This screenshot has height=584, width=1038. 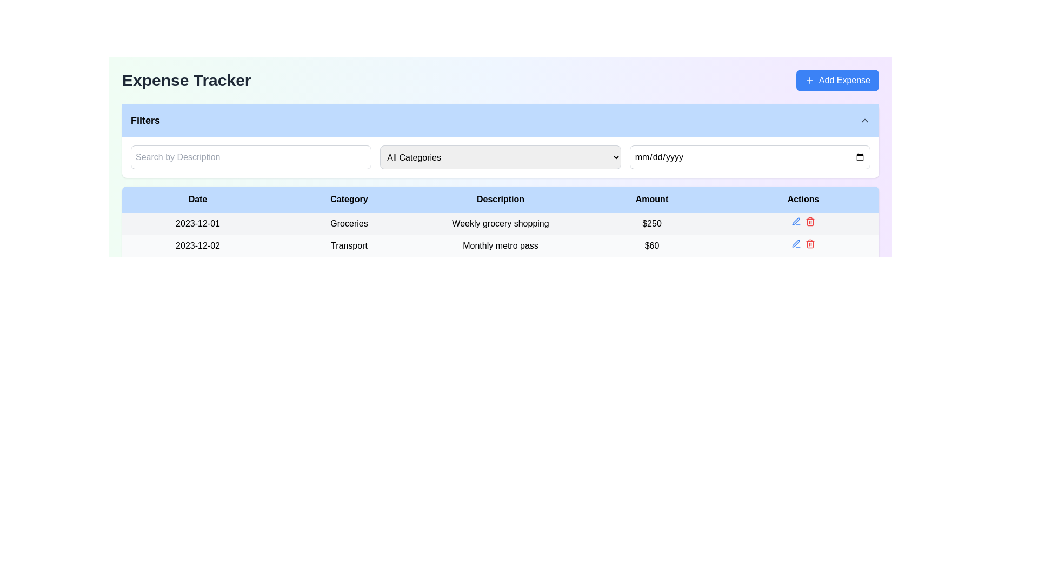 What do you see at coordinates (803, 245) in the screenshot?
I see `the edit icon in the 'Actions' column for the row corresponding to '2023-12-02', 'Transport', and '$60'` at bounding box center [803, 245].